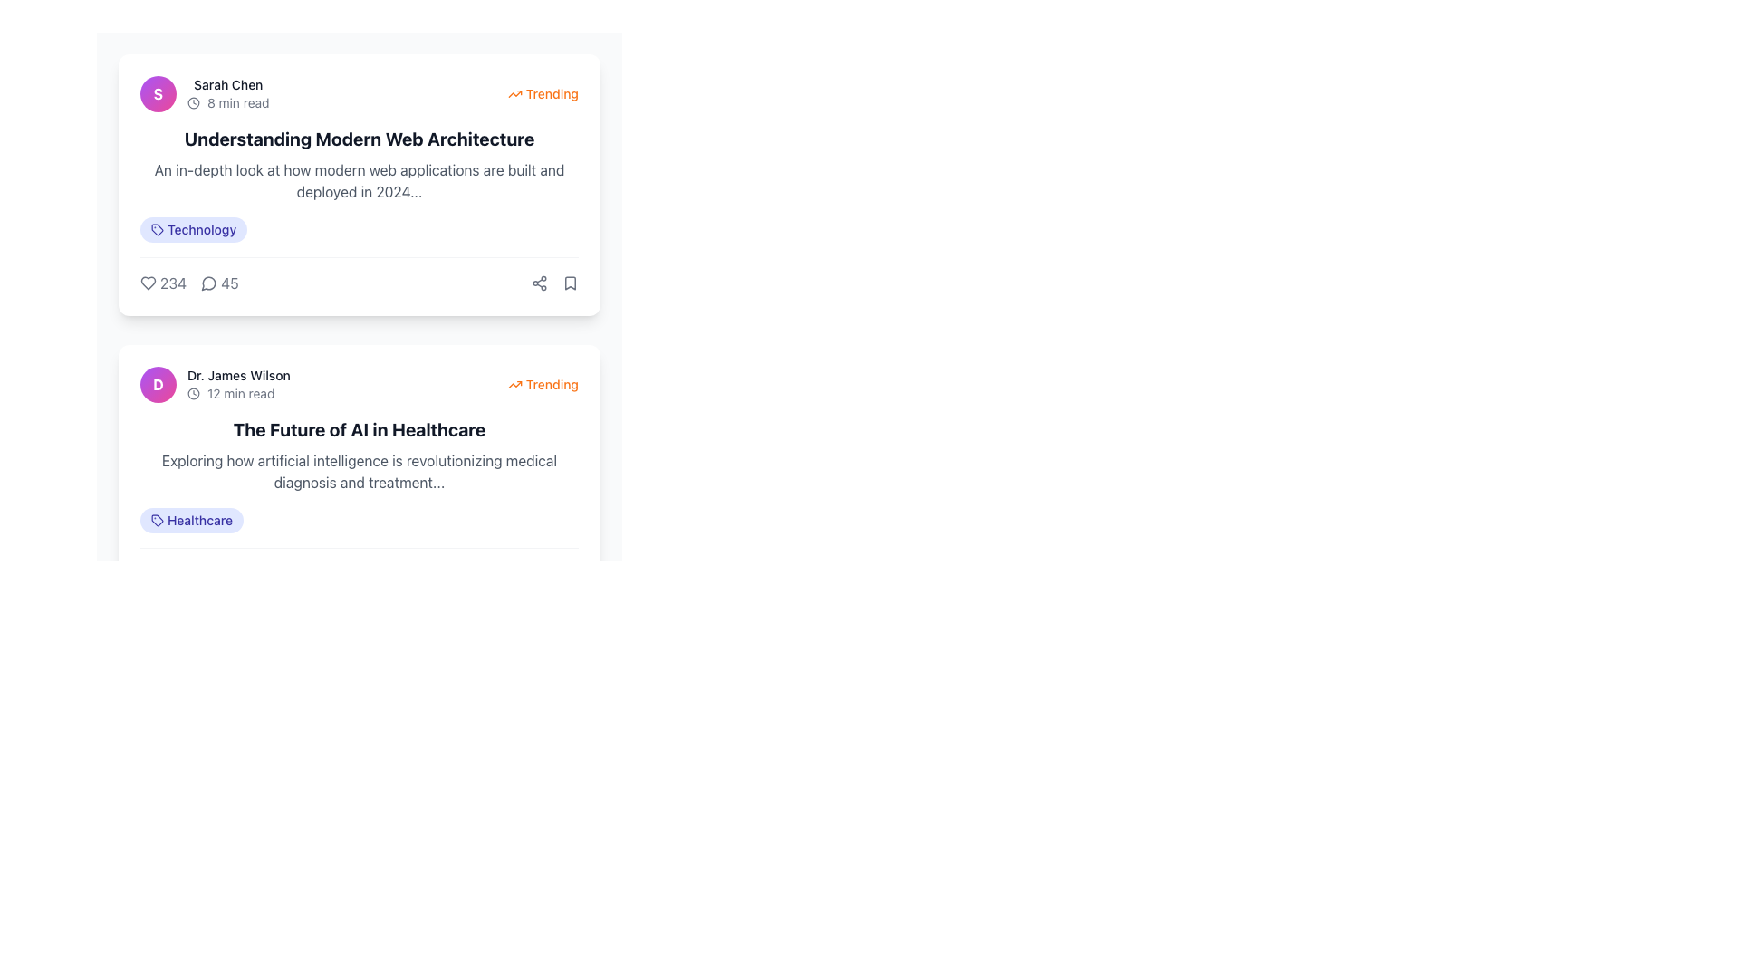 The image size is (1739, 978). I want to click on the circular profile icon featuring a gradient background and the letter 'D' in bold white text, which is located to the far left of the text 'Dr. James Wilson 12 min read', so click(158, 383).